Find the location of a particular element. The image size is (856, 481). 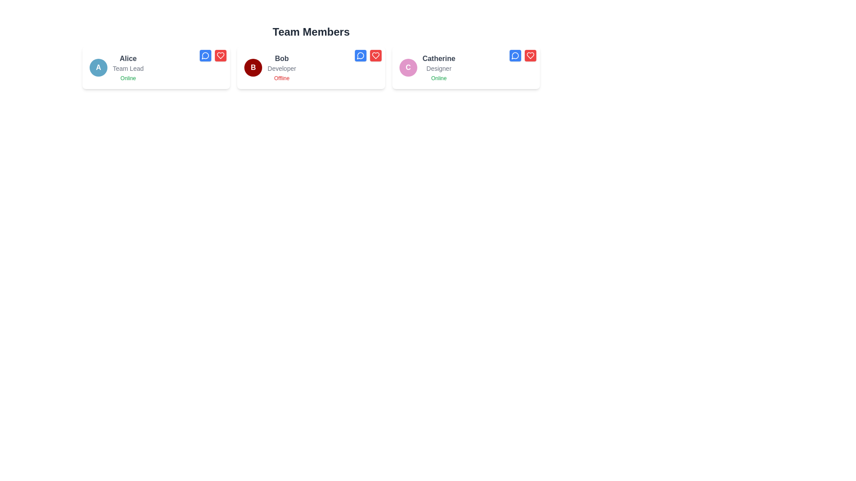

the button located in the top-right corner of the card representing 'Alice - Team Lead - Online' is located at coordinates (221, 55).